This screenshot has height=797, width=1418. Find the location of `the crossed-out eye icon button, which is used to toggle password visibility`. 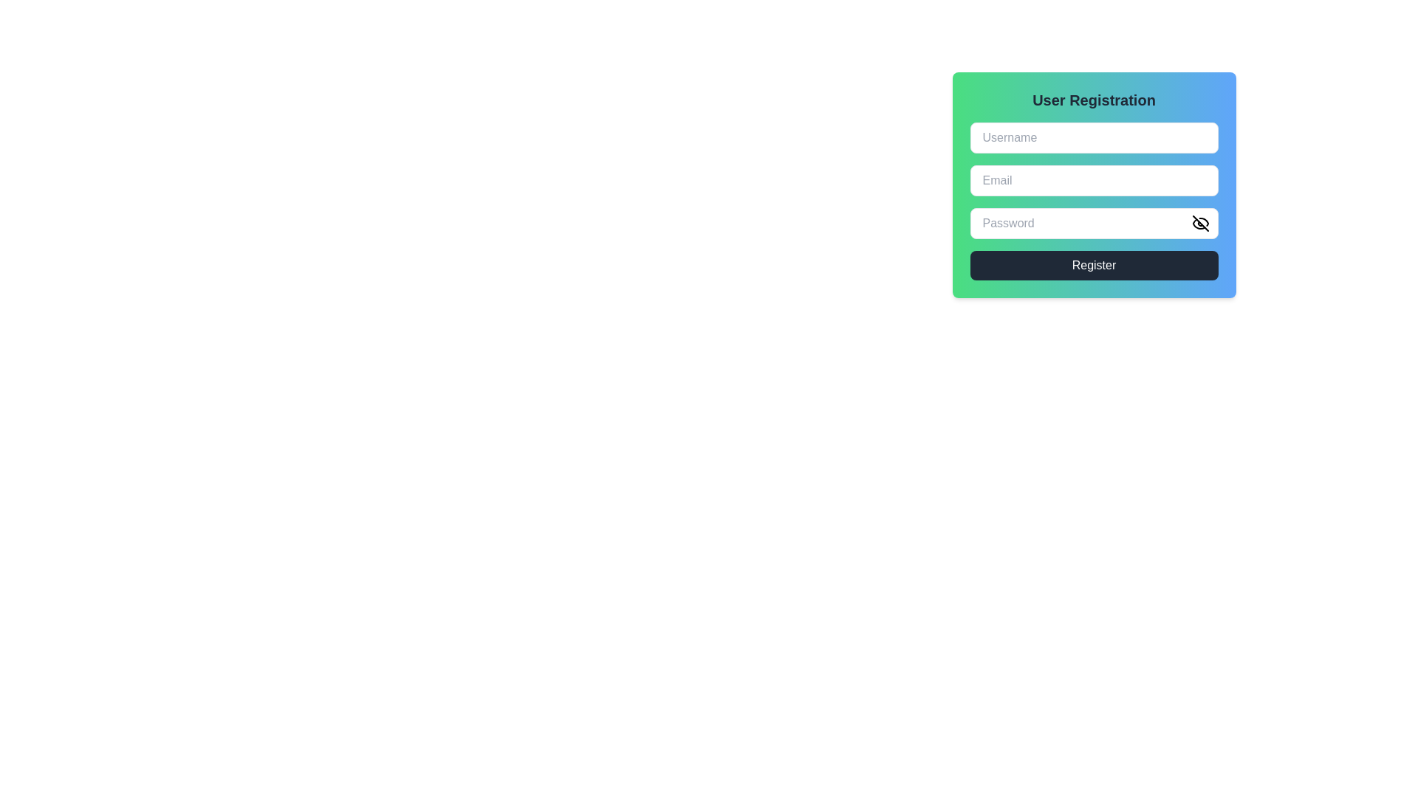

the crossed-out eye icon button, which is used to toggle password visibility is located at coordinates (1200, 224).